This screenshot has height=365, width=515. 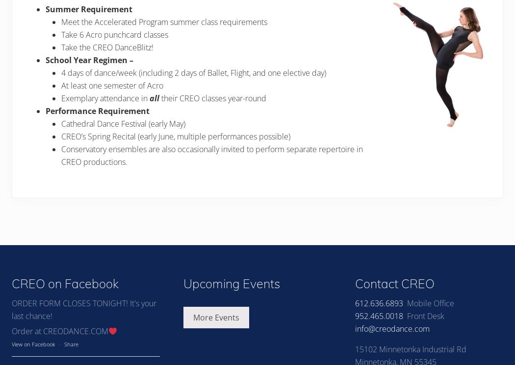 What do you see at coordinates (65, 283) in the screenshot?
I see `'CREO on Facebook'` at bounding box center [65, 283].